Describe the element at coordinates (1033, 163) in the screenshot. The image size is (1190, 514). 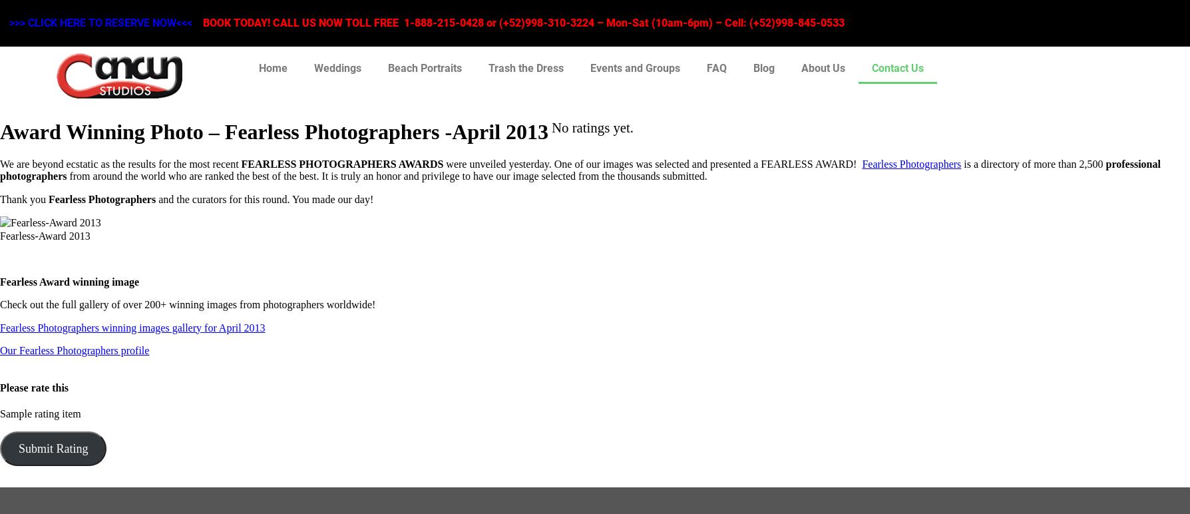
I see `'is a directory of more than 2,500'` at that location.